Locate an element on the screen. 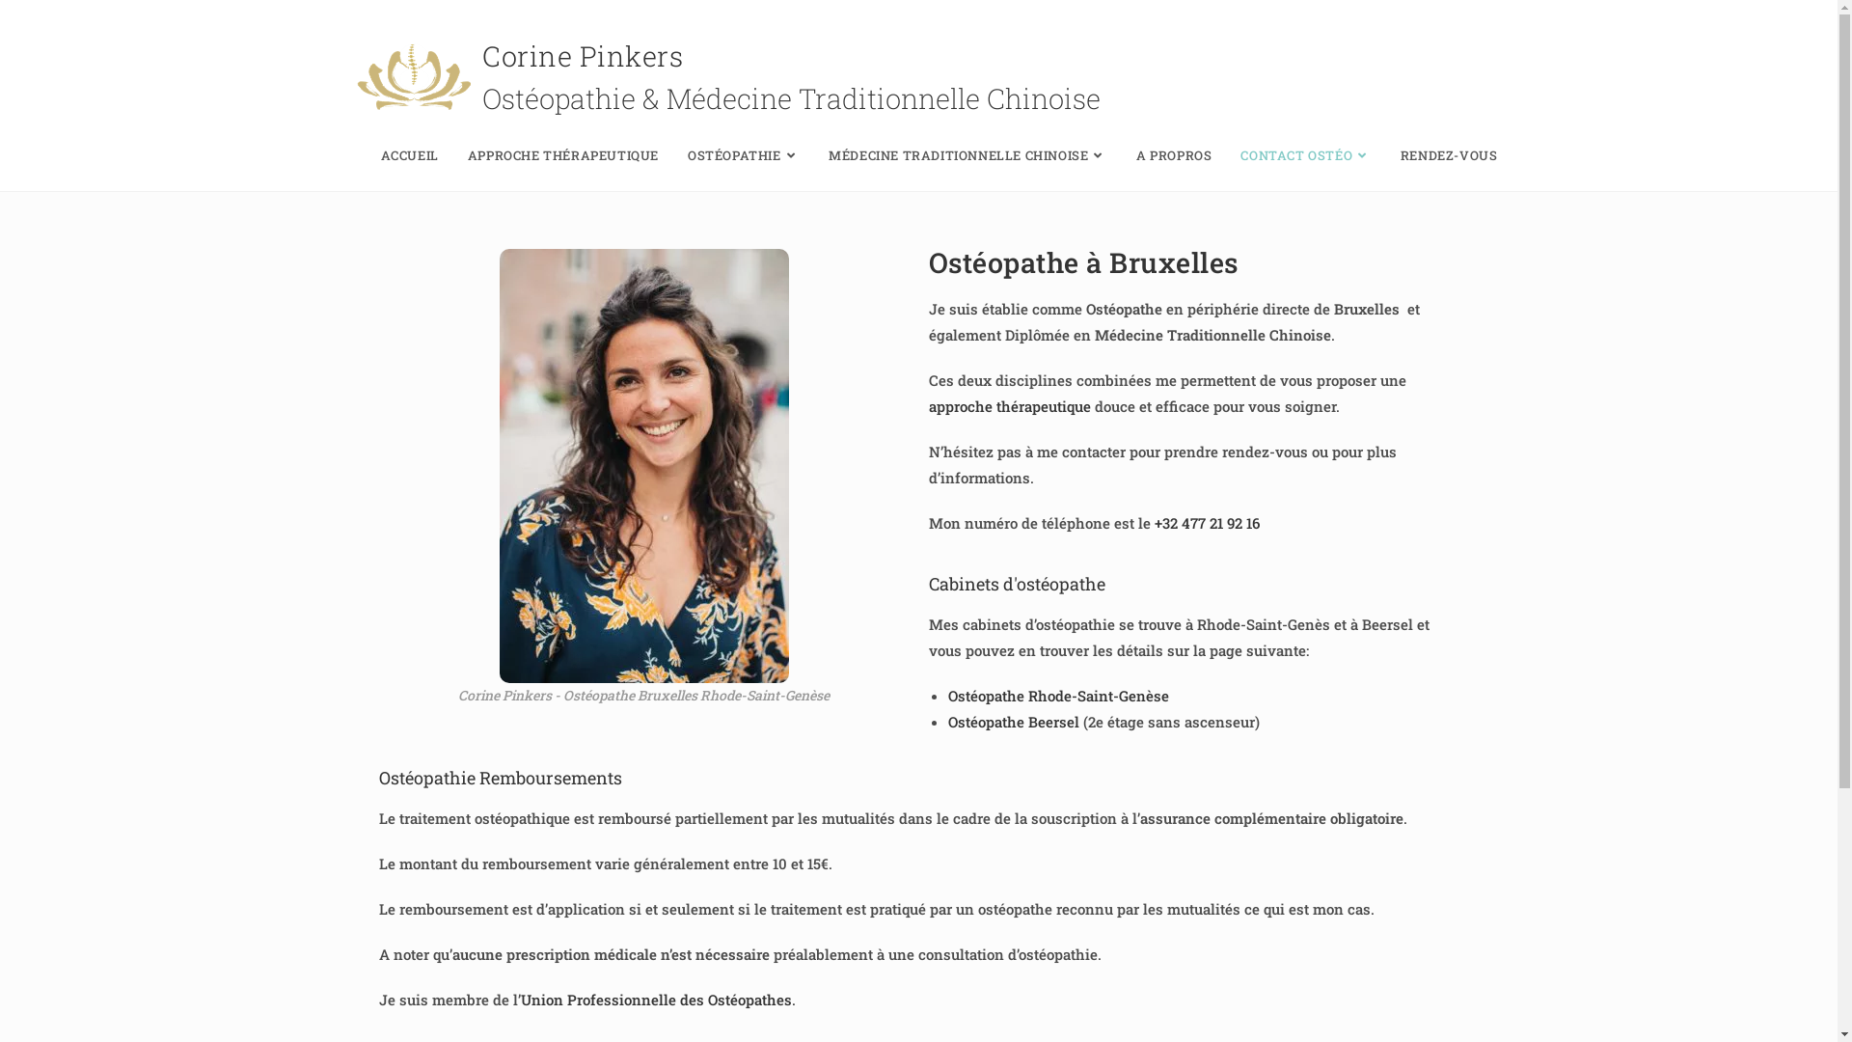 This screenshot has width=1852, height=1042. '+32 477 21 92 16' is located at coordinates (1205, 523).